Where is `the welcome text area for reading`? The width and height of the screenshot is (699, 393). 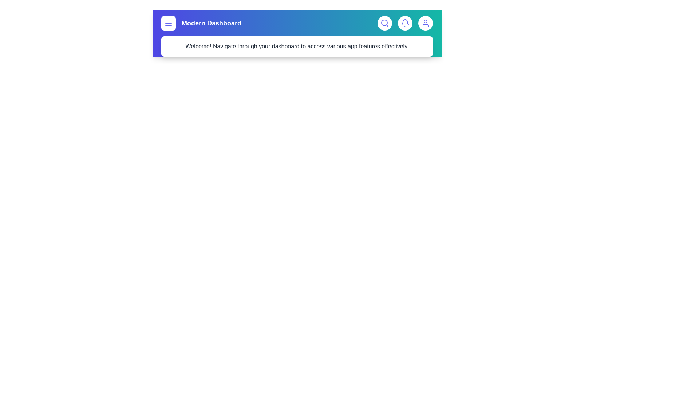
the welcome text area for reading is located at coordinates (297, 46).